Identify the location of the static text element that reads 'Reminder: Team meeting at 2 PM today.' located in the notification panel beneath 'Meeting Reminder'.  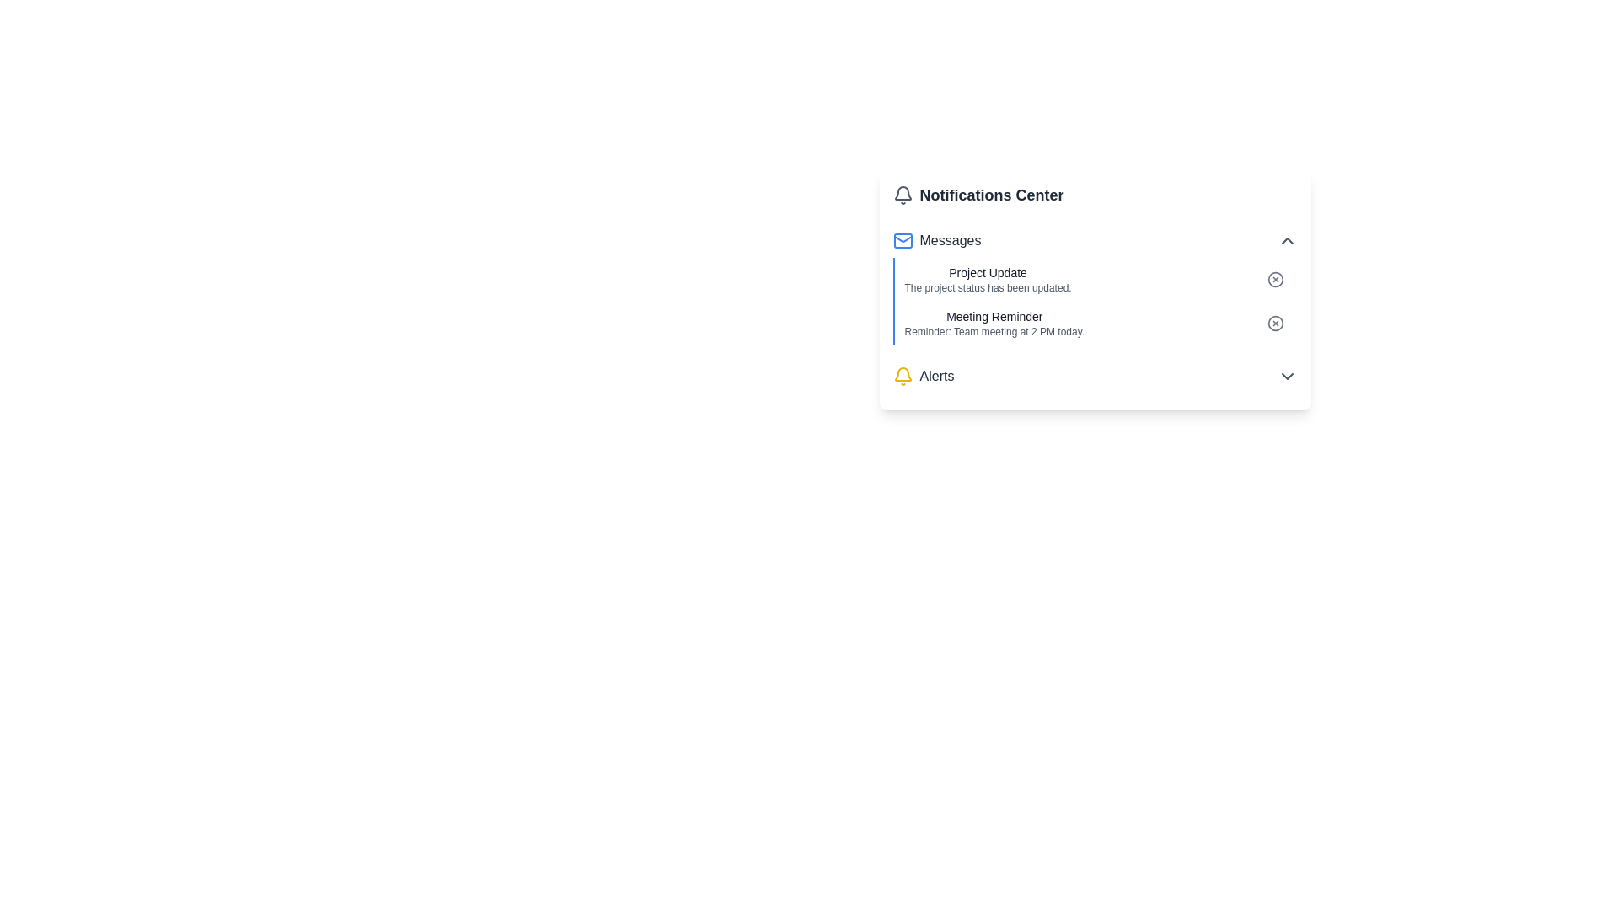
(994, 331).